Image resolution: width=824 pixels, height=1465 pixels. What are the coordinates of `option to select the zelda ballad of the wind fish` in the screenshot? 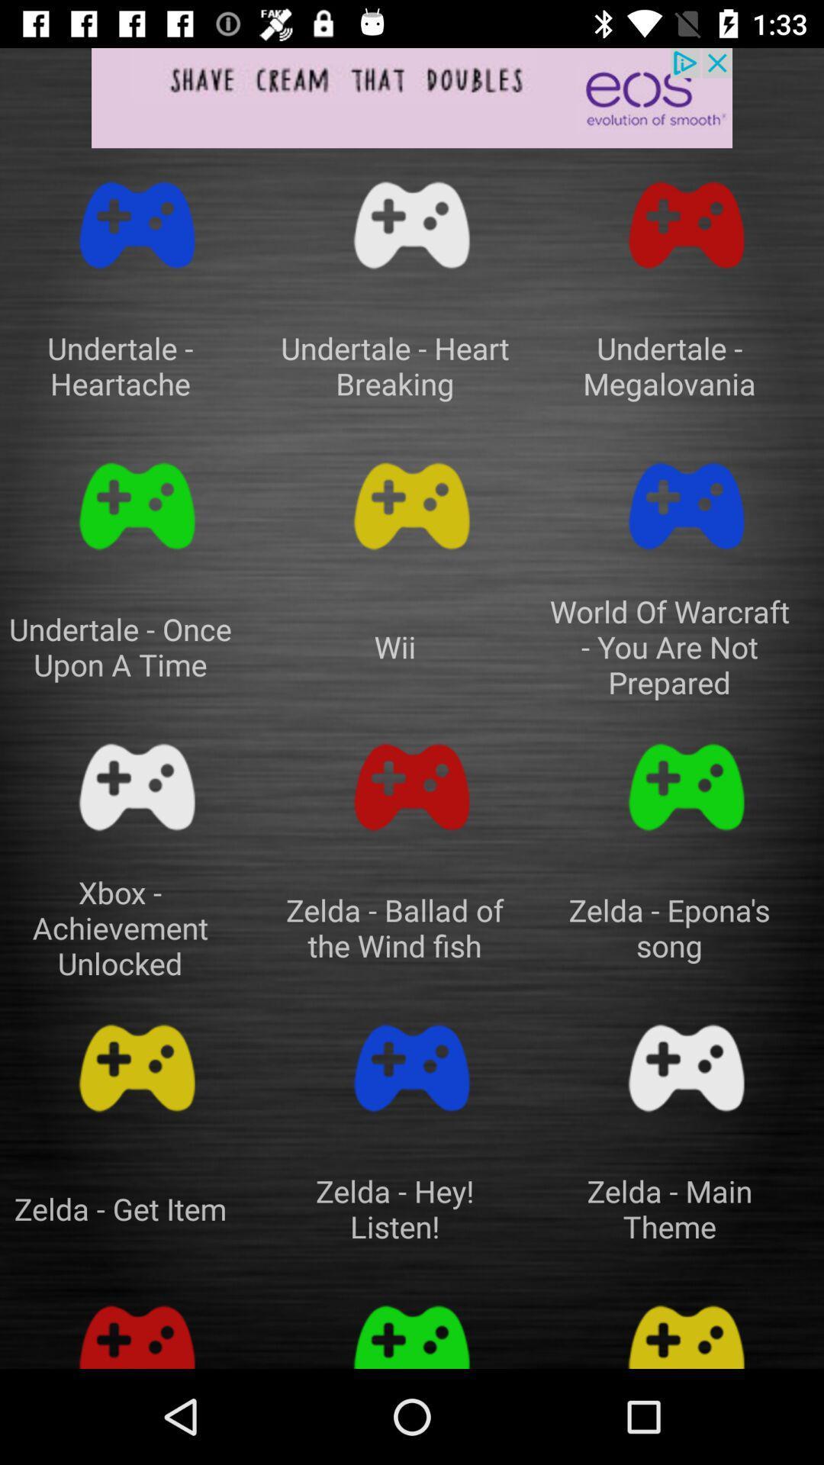 It's located at (412, 787).